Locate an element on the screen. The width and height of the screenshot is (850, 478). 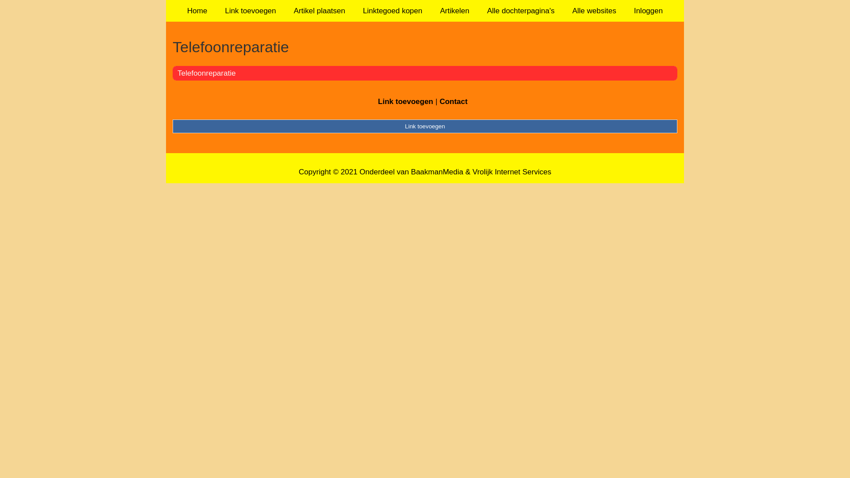
'Alle dochterpagina's' is located at coordinates (521, 11).